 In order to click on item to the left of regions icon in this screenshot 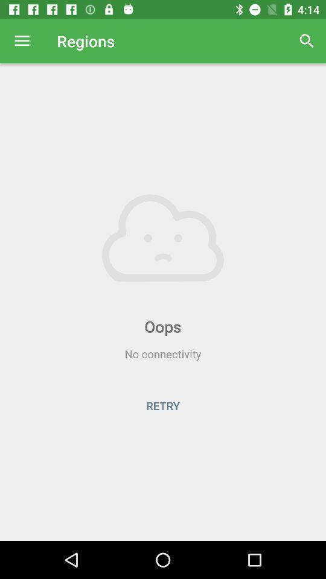, I will do `click(22, 41)`.